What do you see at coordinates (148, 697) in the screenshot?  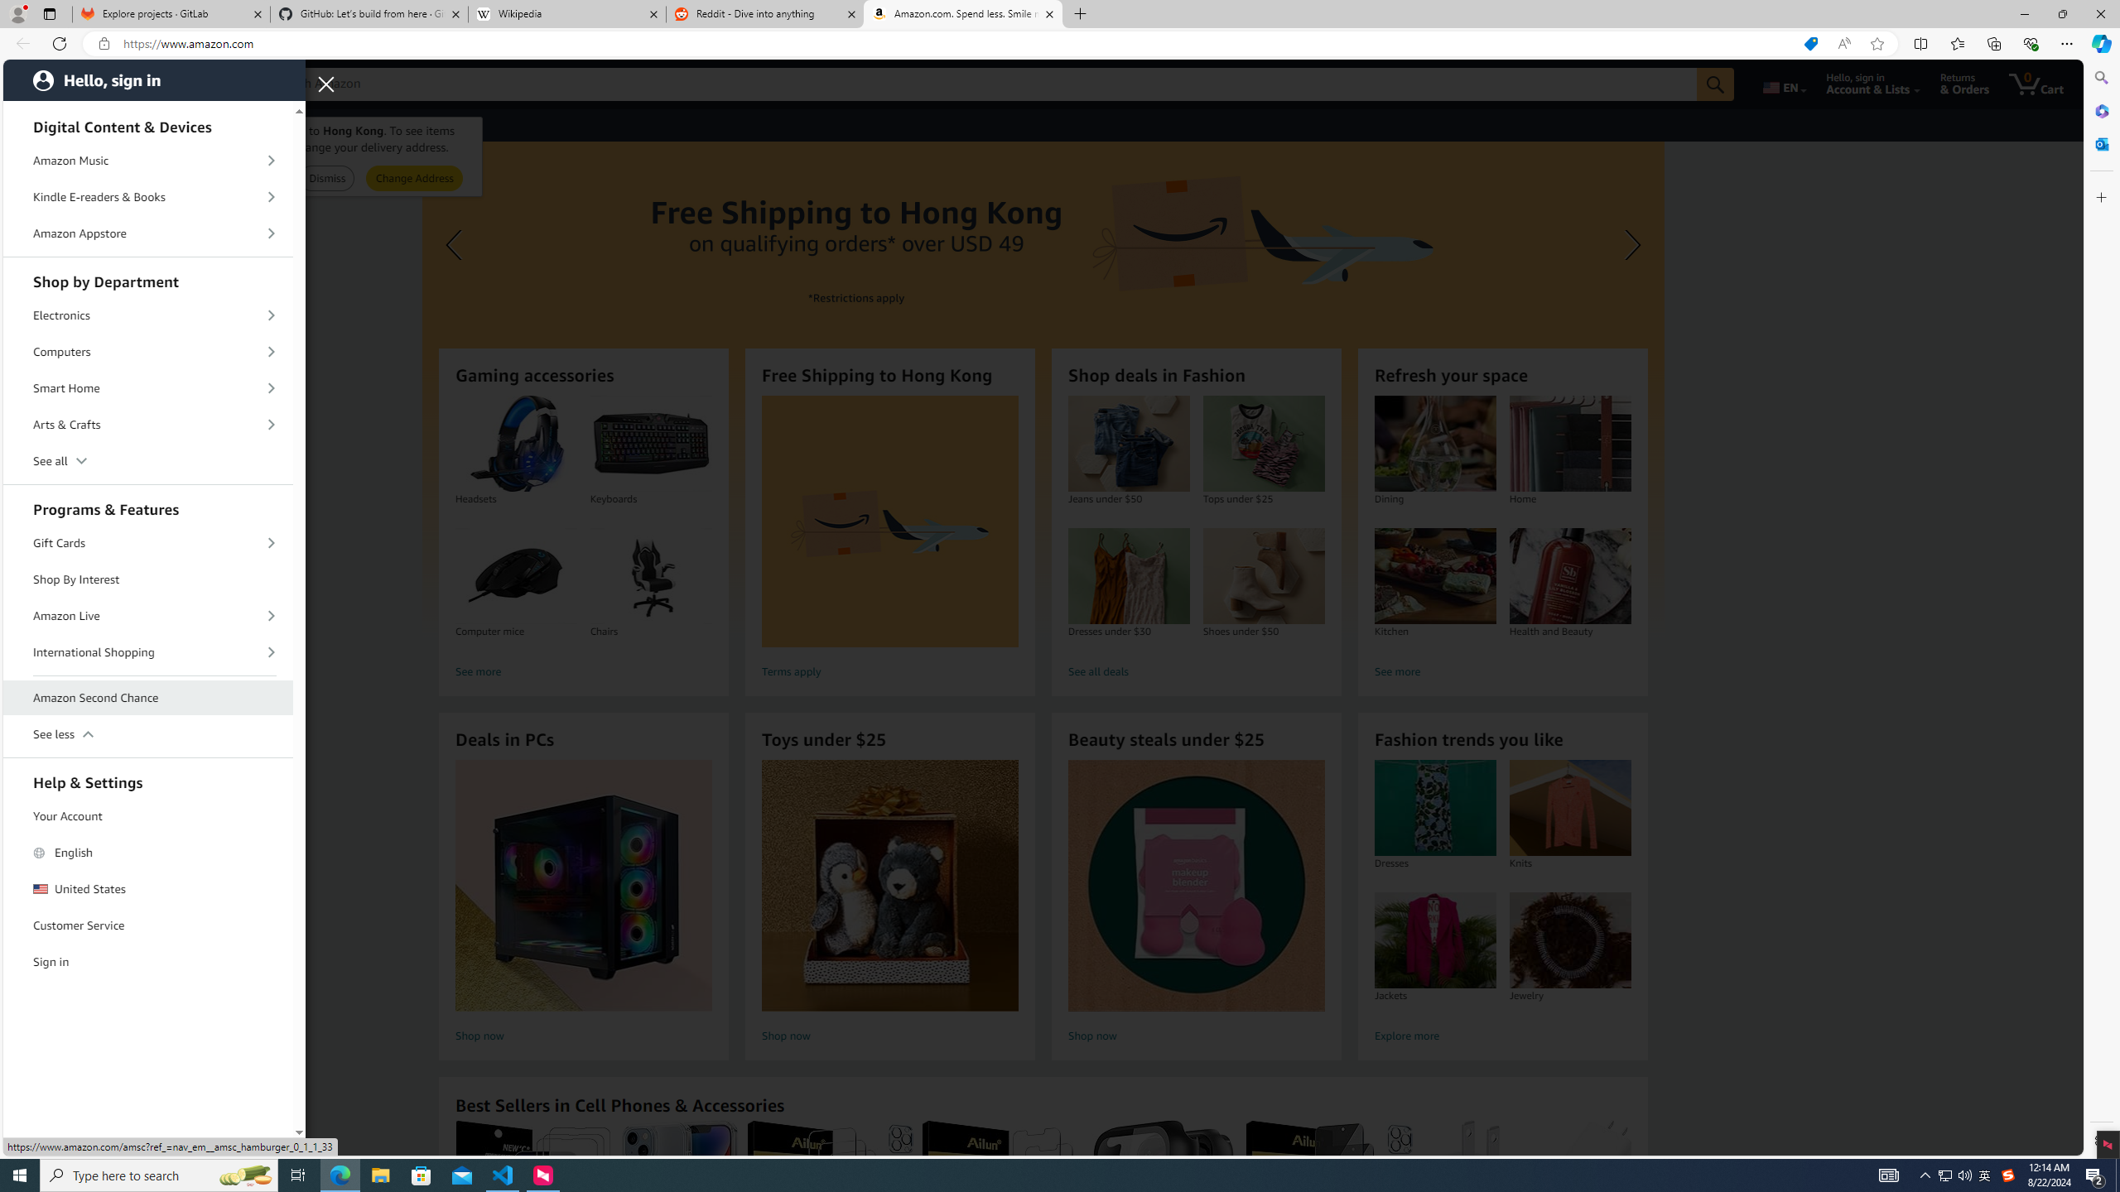 I see `'Amazon Second Chance'` at bounding box center [148, 697].